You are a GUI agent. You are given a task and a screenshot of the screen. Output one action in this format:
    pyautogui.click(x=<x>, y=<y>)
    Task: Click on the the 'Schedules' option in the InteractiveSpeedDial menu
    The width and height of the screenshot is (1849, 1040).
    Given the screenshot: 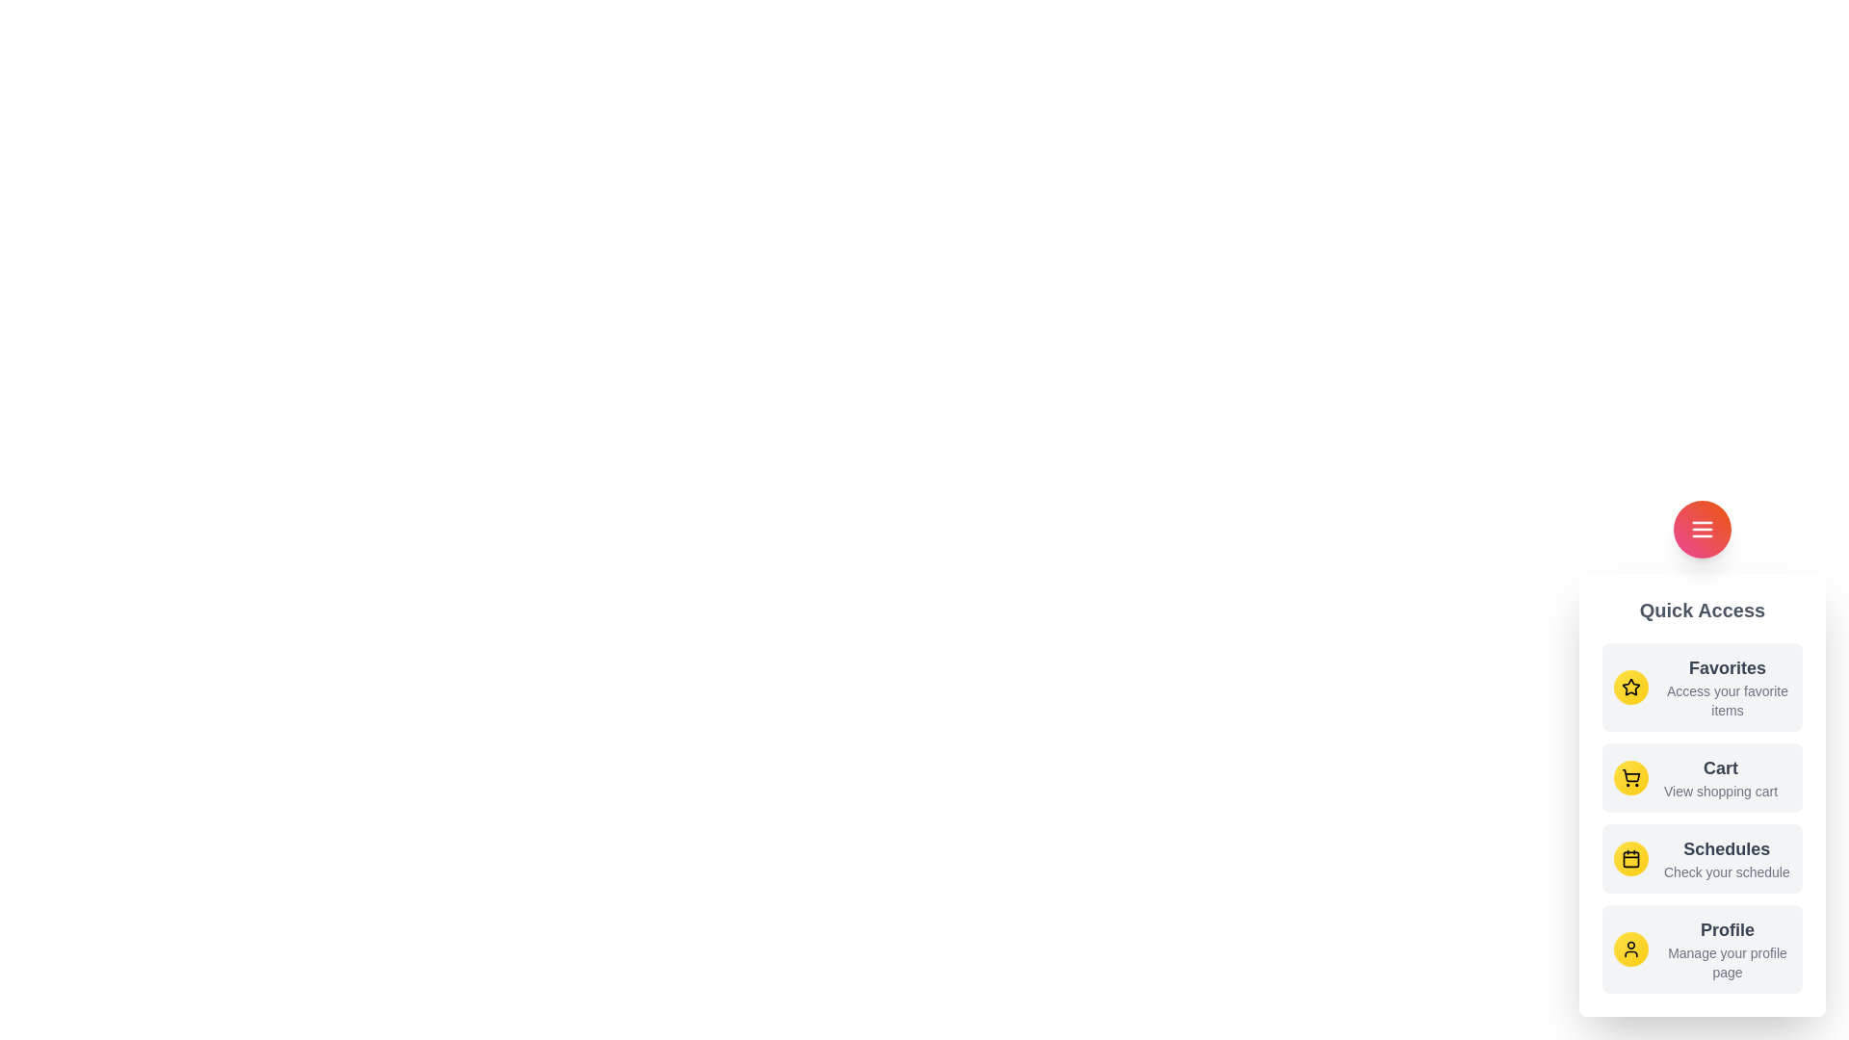 What is the action you would take?
    pyautogui.click(x=1702, y=857)
    